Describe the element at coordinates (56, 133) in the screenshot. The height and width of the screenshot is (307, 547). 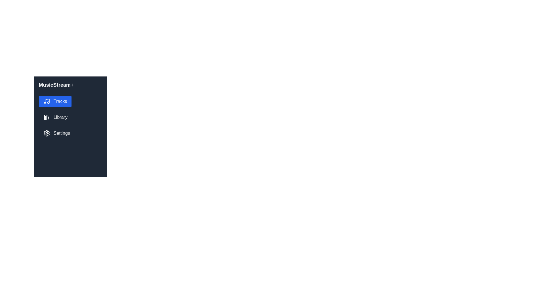
I see `the 'Settings' button with a gear icon that is styled with a dark background and white text, located below the 'Tracks' and 'Library' options in the sidebar menu` at that location.